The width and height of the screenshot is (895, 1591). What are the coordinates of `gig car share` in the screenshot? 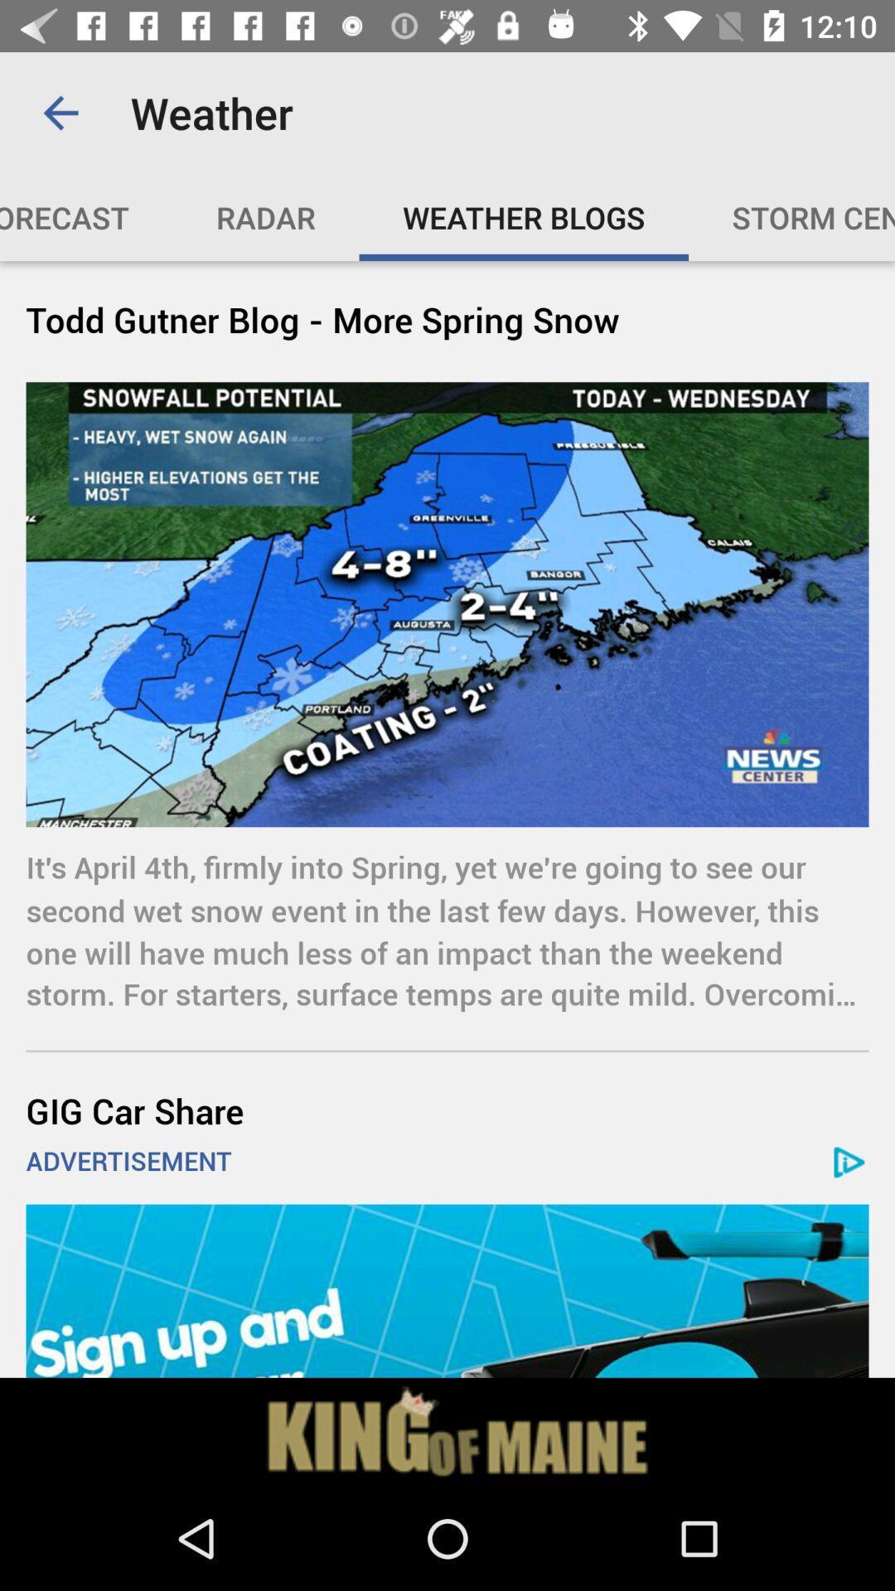 It's located at (447, 1110).